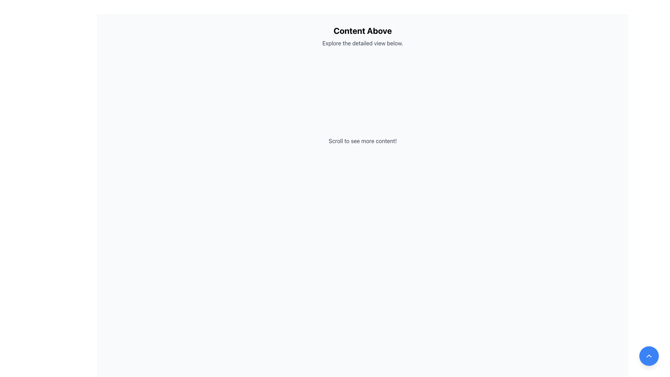  What do you see at coordinates (649, 356) in the screenshot?
I see `the button located at the bottom-right corner of the interface to scroll to the top of the page` at bounding box center [649, 356].